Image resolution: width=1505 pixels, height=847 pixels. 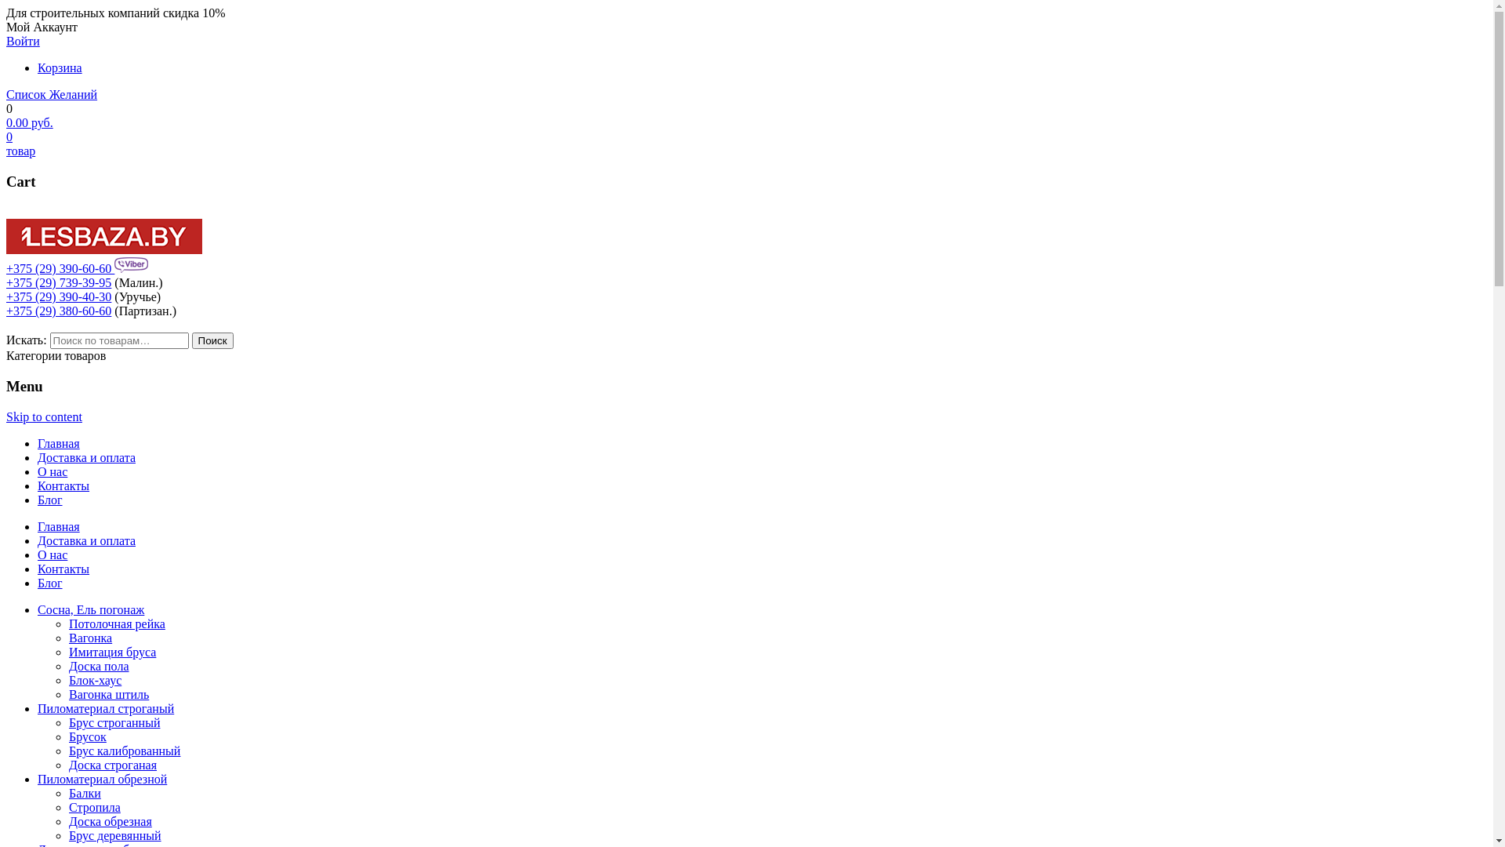 I want to click on '+375 (29) 739-39-95', so click(x=59, y=282).